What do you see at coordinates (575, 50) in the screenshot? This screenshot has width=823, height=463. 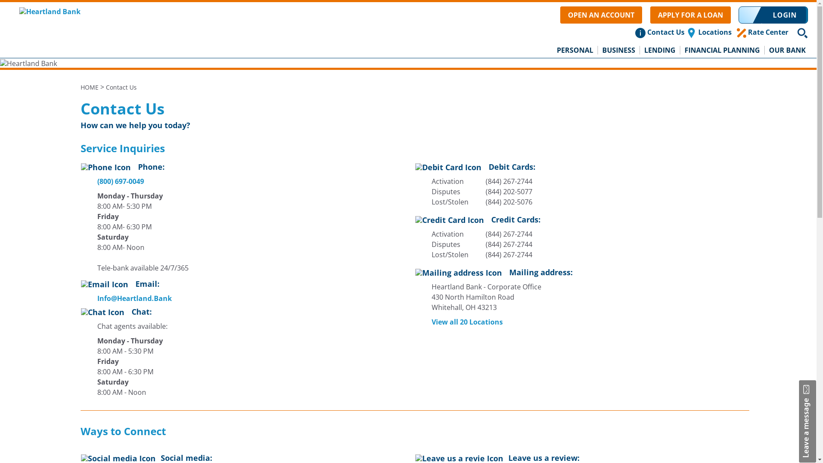 I see `'PERSONAL'` at bounding box center [575, 50].